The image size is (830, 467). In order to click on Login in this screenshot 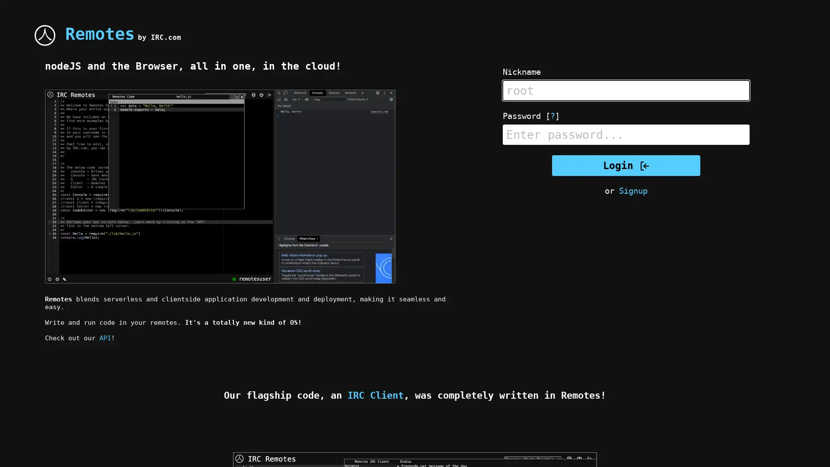, I will do `click(626, 165)`.